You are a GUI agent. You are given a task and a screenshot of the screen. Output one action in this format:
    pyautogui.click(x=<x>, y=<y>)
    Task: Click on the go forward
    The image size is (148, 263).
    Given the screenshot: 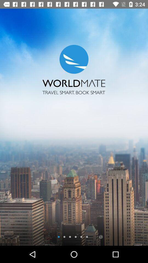 What is the action you would take?
    pyautogui.click(x=101, y=236)
    